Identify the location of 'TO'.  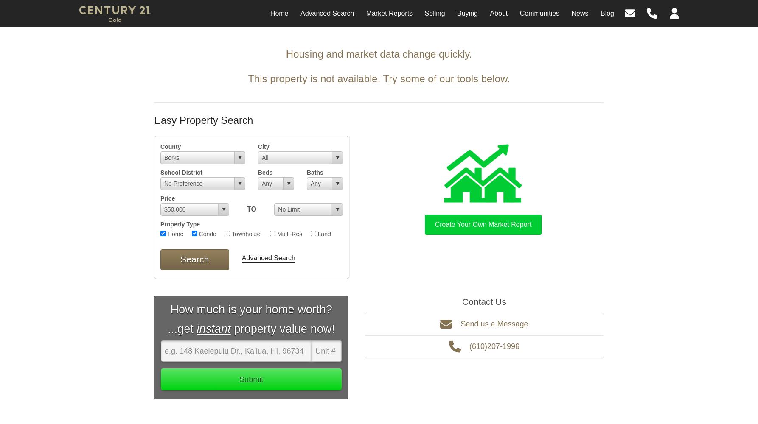
(251, 209).